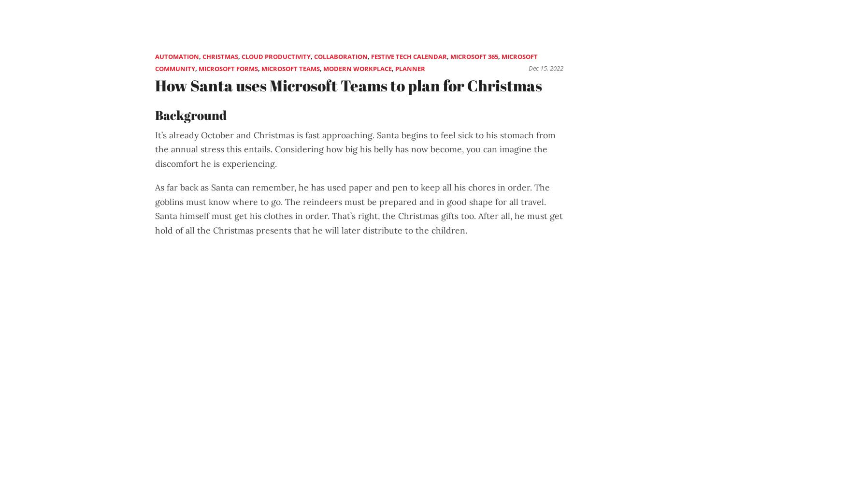  I want to click on 'Background', so click(191, 114).